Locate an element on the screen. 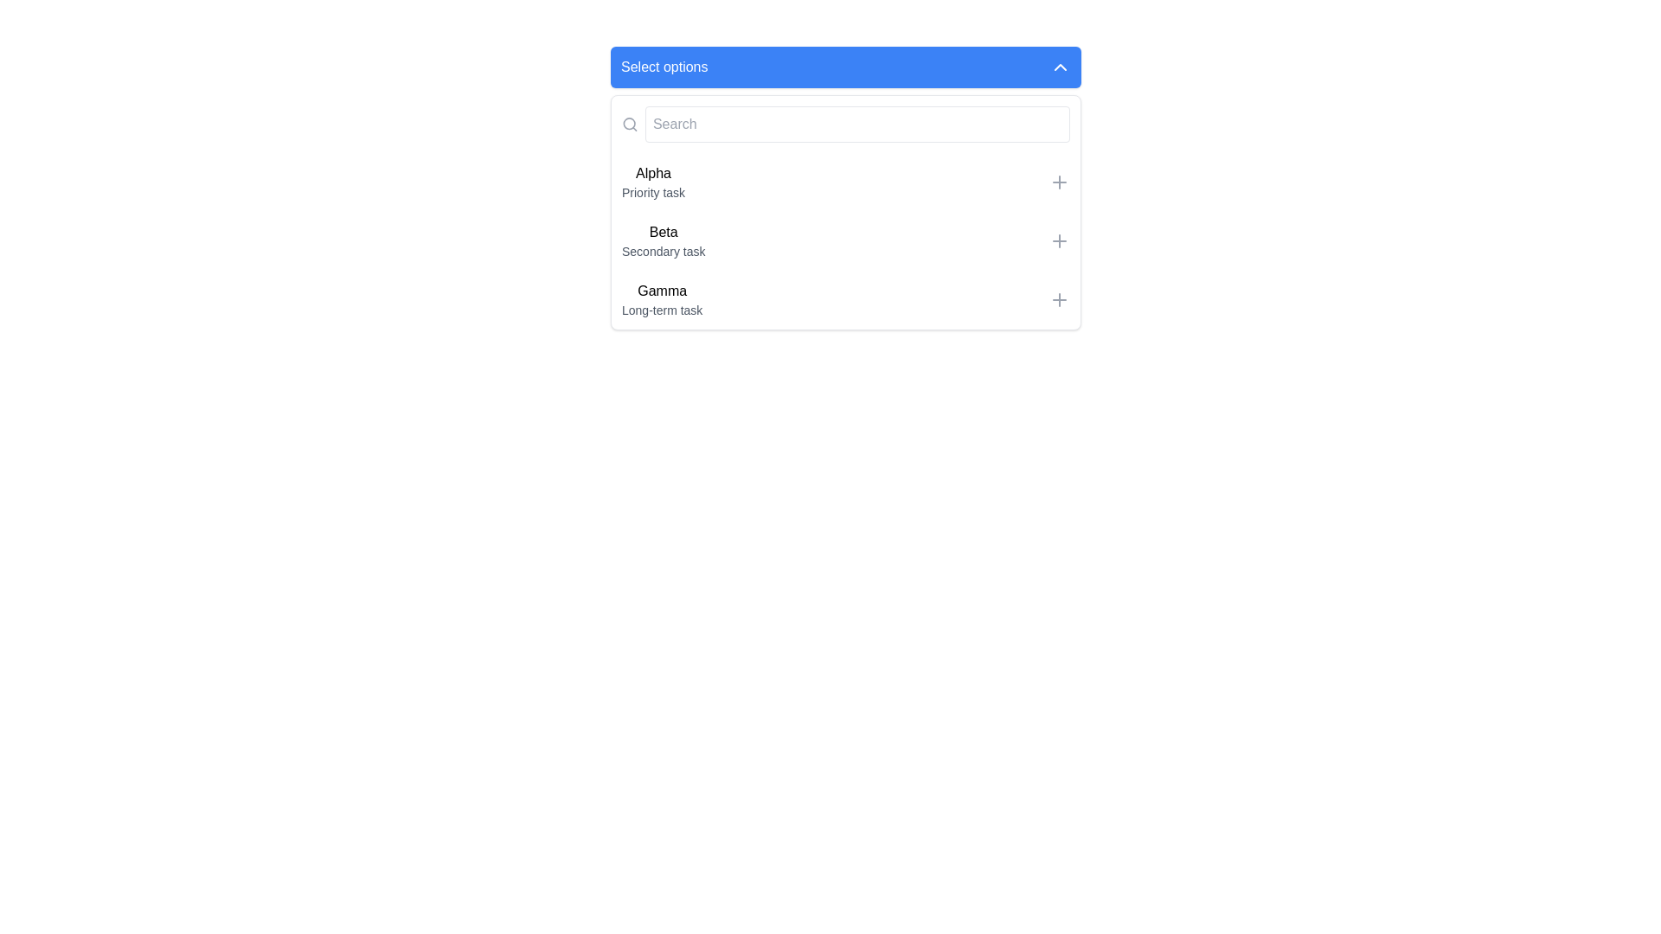  the text label providing additional information for the 'Beta' item in the dropdown menu, positioned directly below its sibling element 'Beta' is located at coordinates (663, 251).